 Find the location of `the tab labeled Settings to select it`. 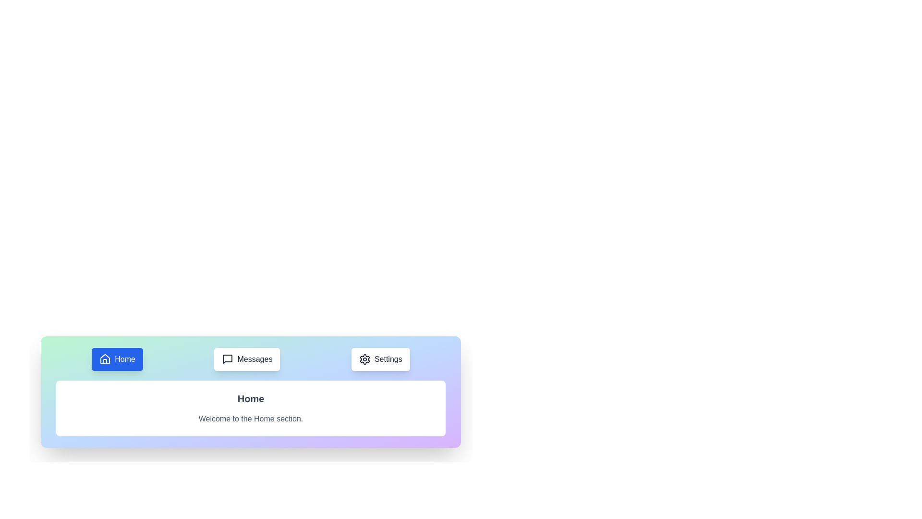

the tab labeled Settings to select it is located at coordinates (380, 359).